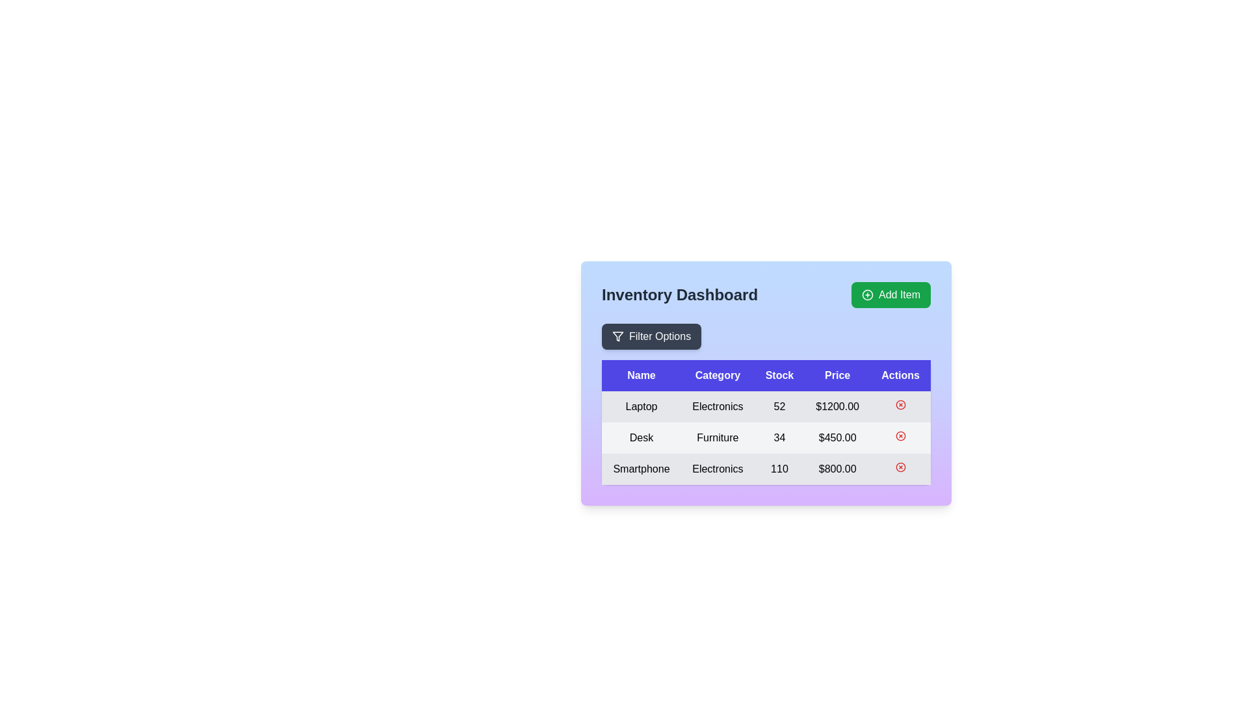 The width and height of the screenshot is (1248, 702). Describe the element at coordinates (900, 469) in the screenshot. I see `the circular red delete button with a white bug-like symbol located in the last cell of the last row under the 'Actions' column for the item 'Smartphone'` at that location.